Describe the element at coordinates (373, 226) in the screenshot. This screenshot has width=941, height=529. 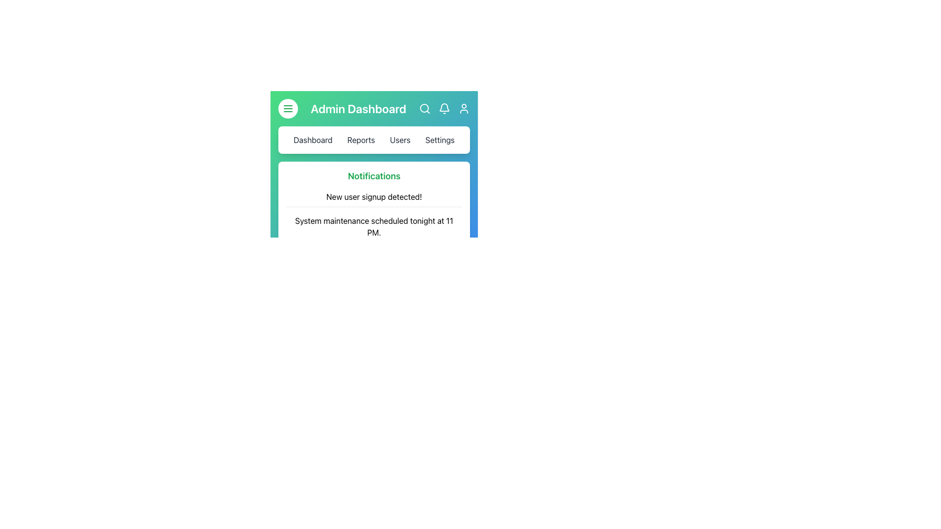
I see `notifications from the notification list located in the 'Notifications' section of the card-like component, positioned below the 'Notifications' header` at that location.